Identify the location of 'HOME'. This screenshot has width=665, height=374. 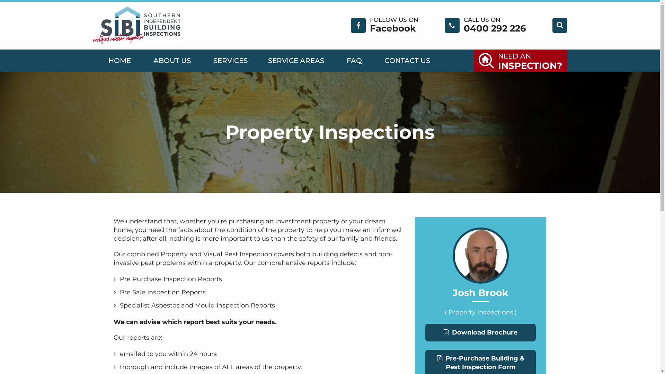
(119, 60).